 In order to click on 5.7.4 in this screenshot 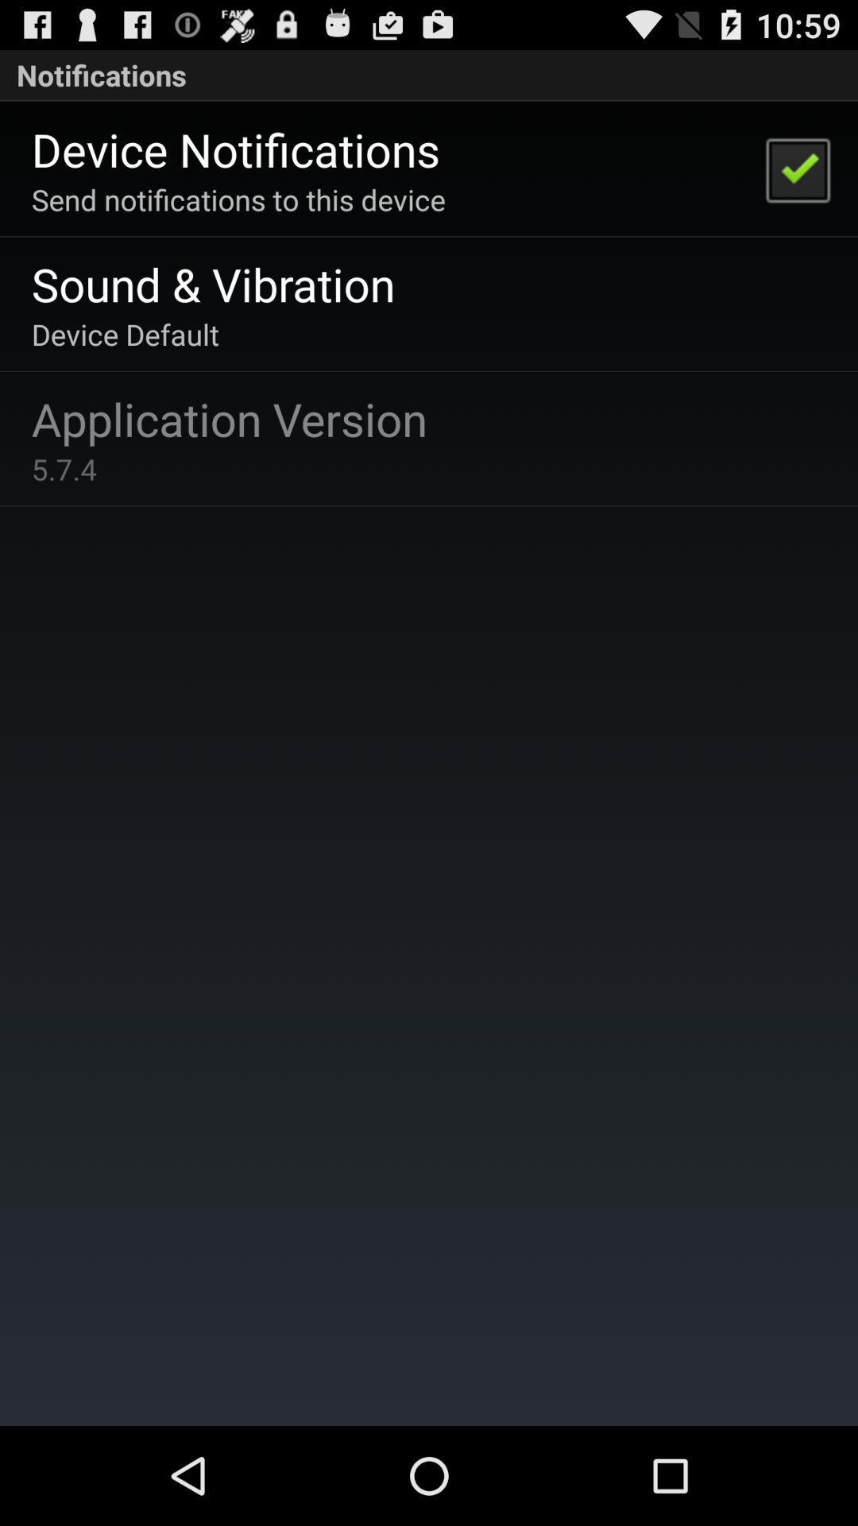, I will do `click(64, 468)`.